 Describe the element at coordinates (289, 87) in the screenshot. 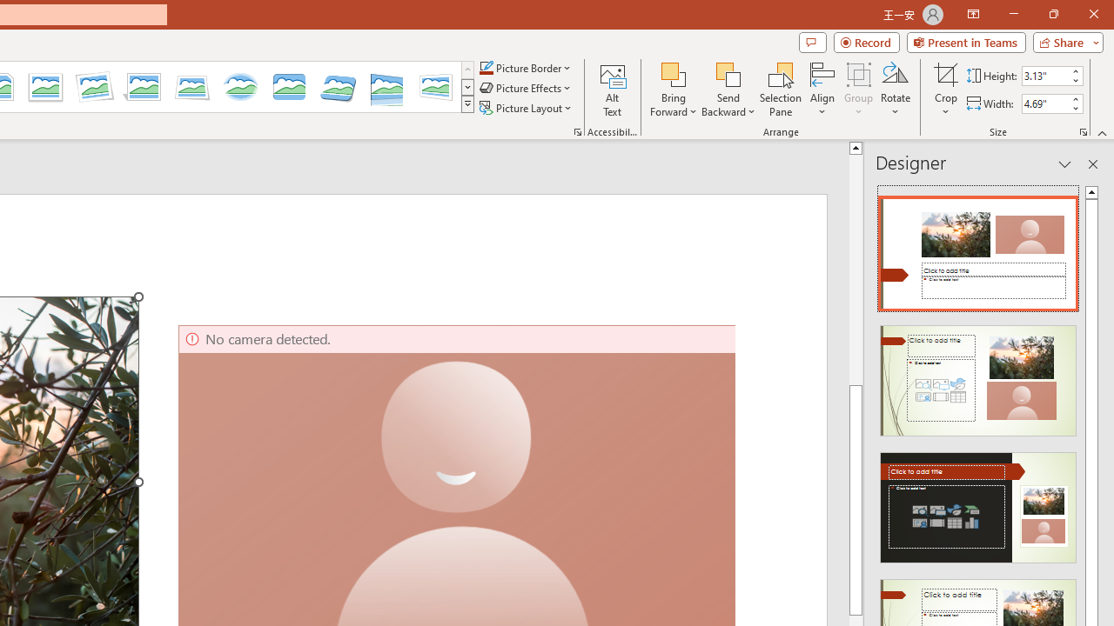

I see `'Bevel Rectangle'` at that location.